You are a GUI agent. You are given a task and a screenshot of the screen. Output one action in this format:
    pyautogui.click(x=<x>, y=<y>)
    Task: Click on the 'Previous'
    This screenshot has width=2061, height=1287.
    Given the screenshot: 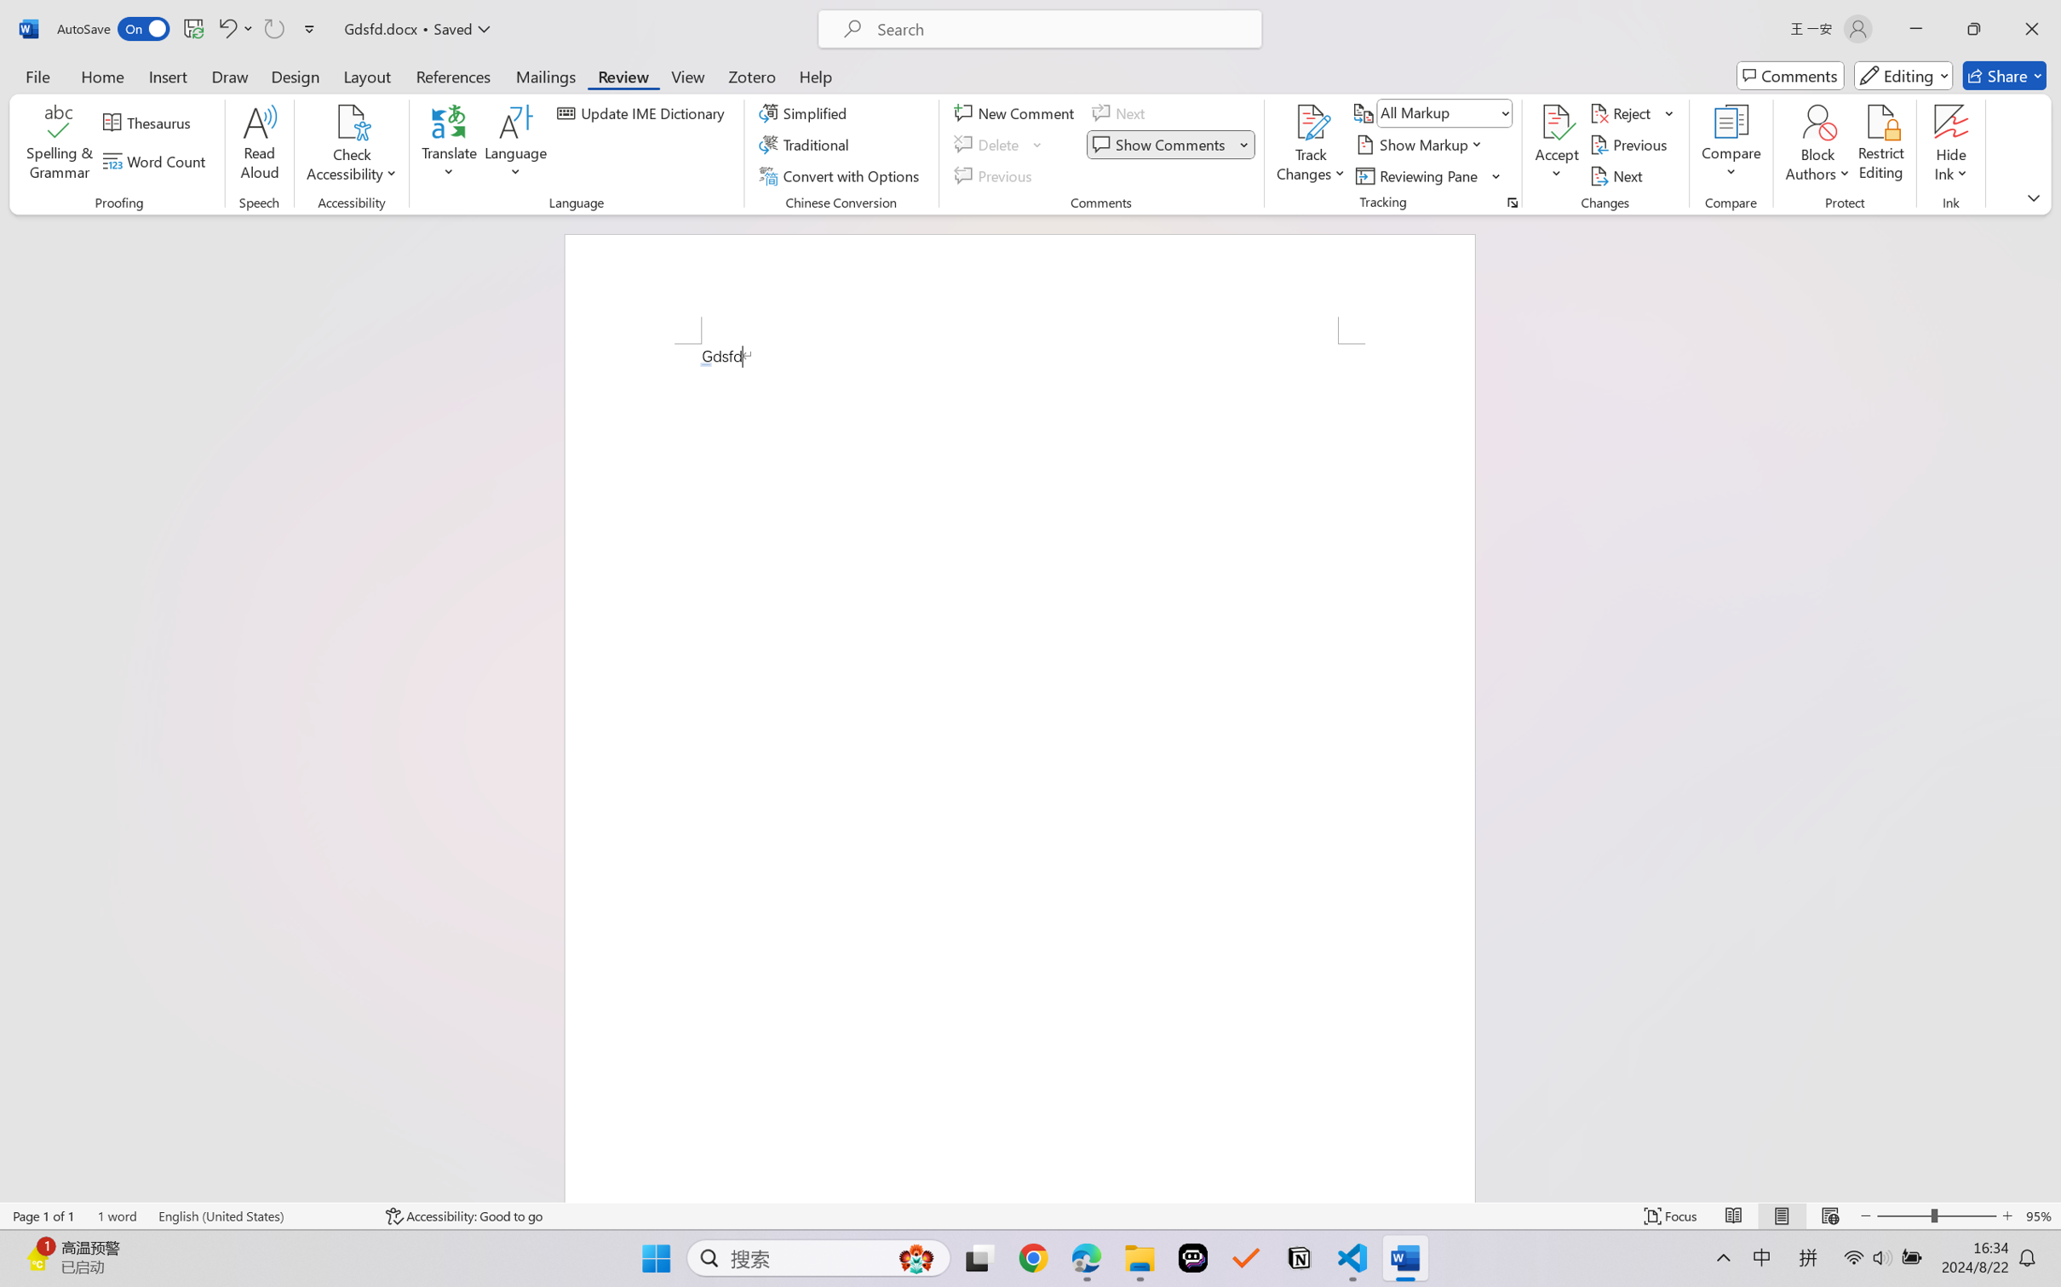 What is the action you would take?
    pyautogui.click(x=1630, y=145)
    